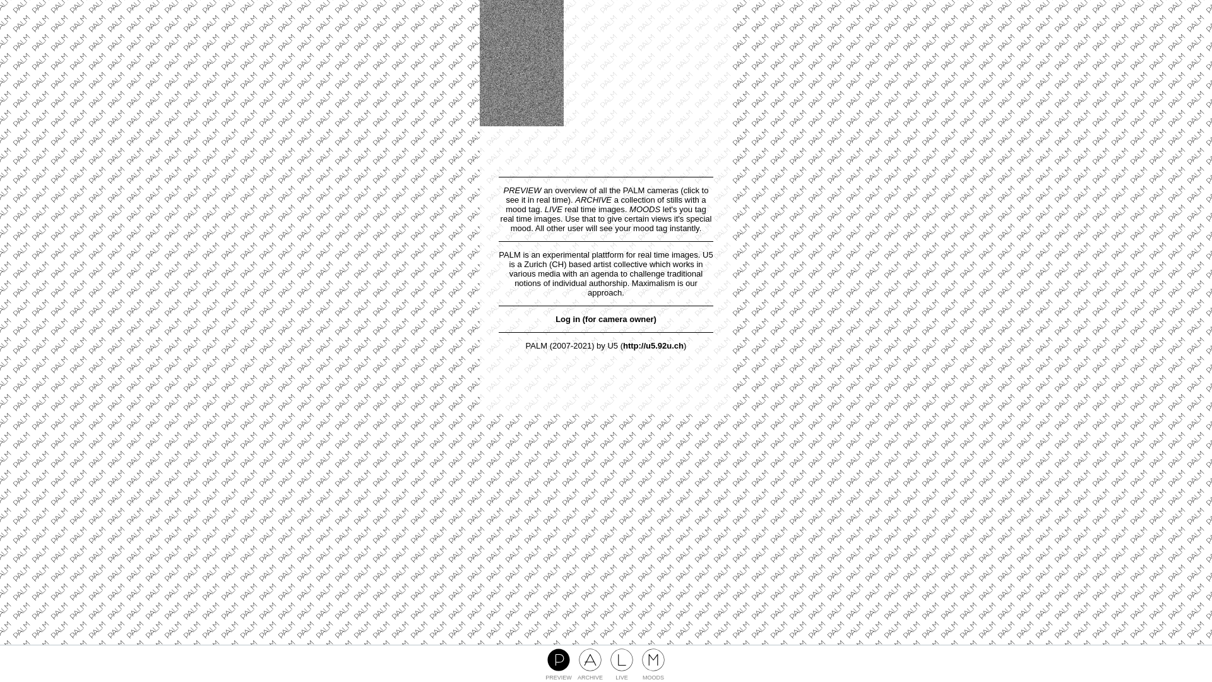 The image size is (1212, 682). I want to click on 'http://u5.92u.ch', so click(623, 345).